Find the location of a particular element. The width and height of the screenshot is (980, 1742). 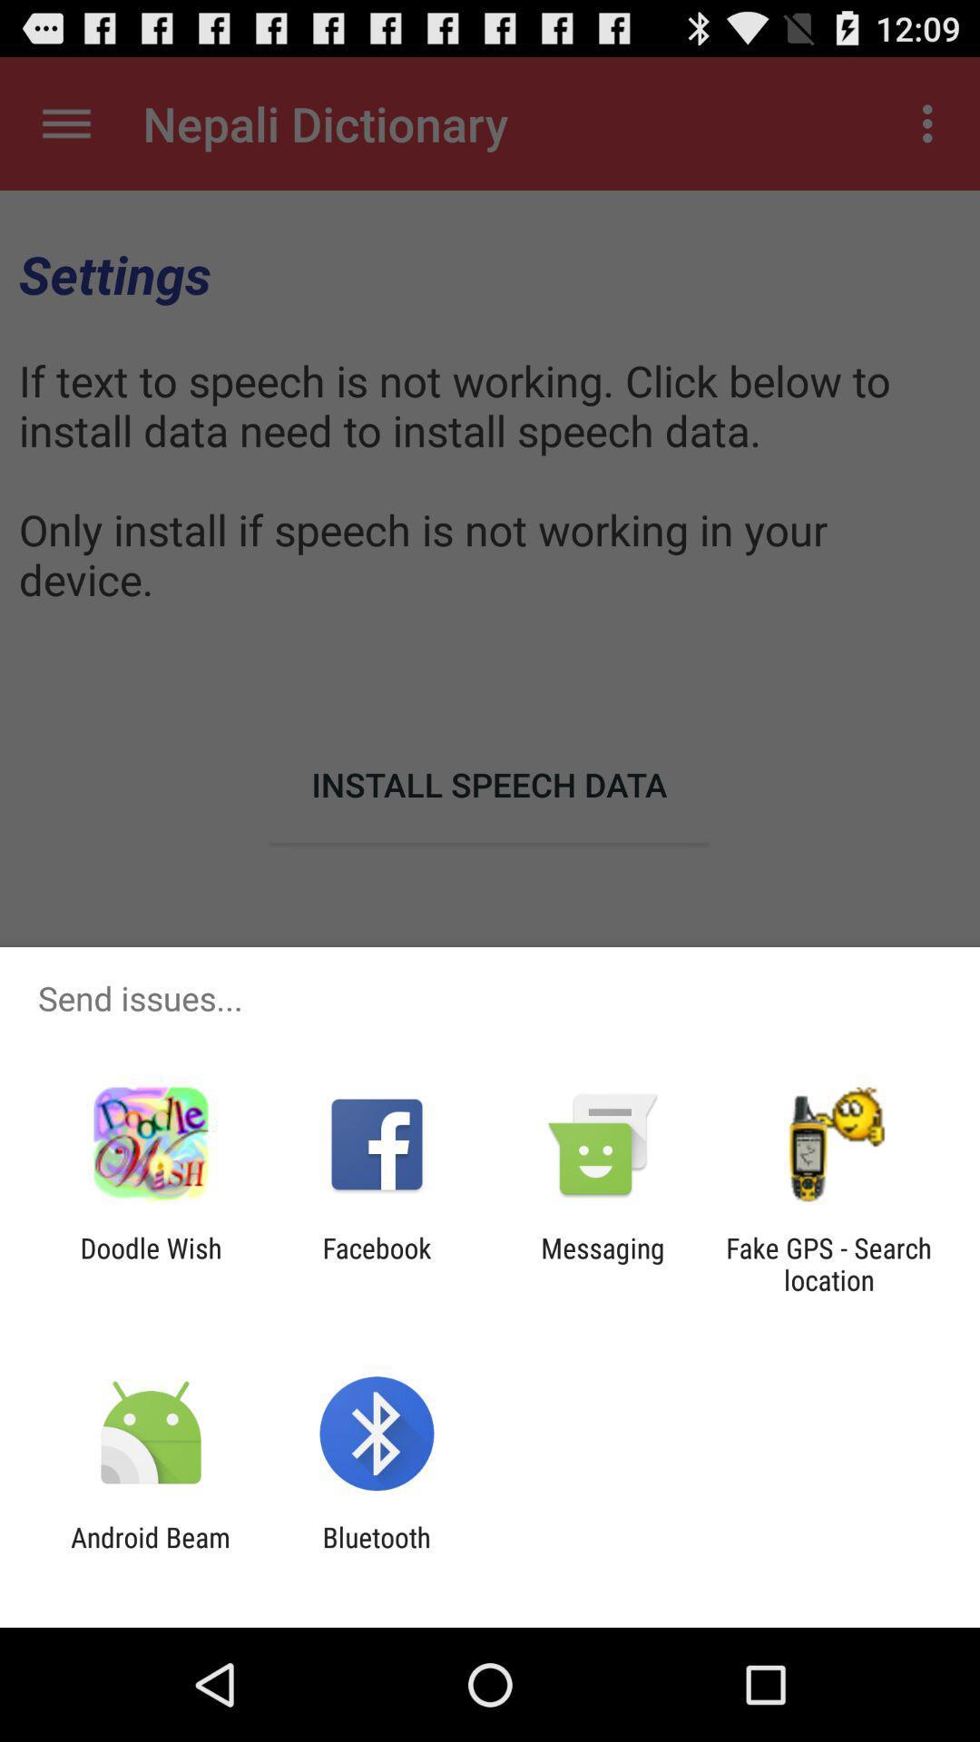

item to the left of messaging is located at coordinates (376, 1263).